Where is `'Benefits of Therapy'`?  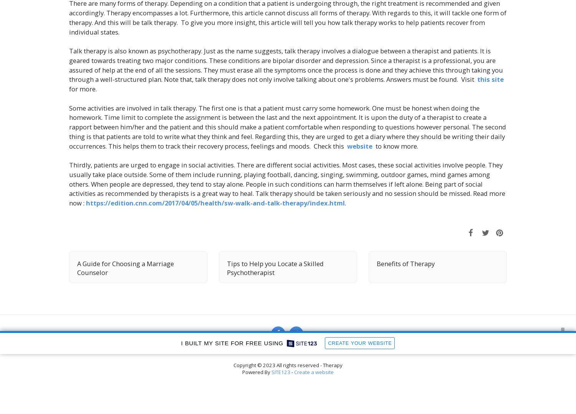
'Benefits of Therapy' is located at coordinates (406, 263).